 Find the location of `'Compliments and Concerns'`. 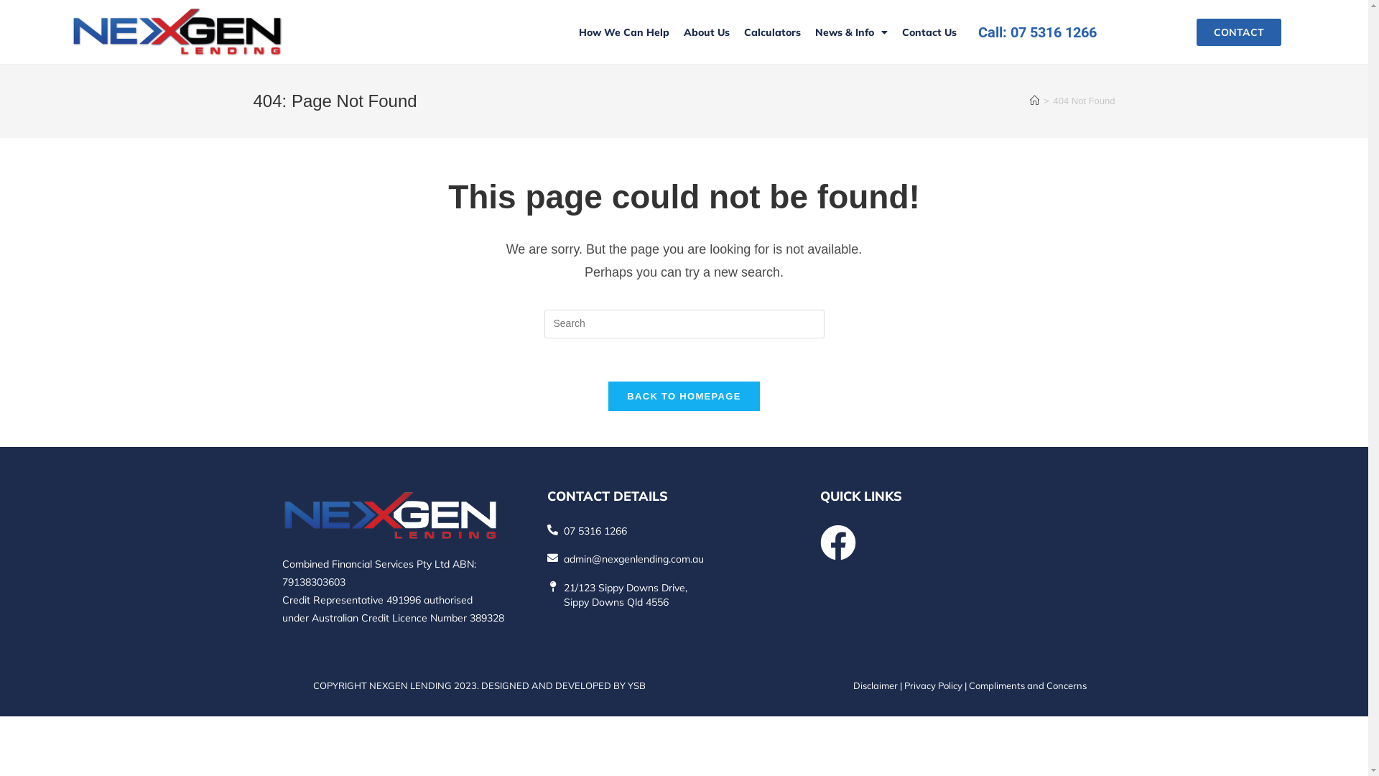

'Compliments and Concerns' is located at coordinates (1026, 684).